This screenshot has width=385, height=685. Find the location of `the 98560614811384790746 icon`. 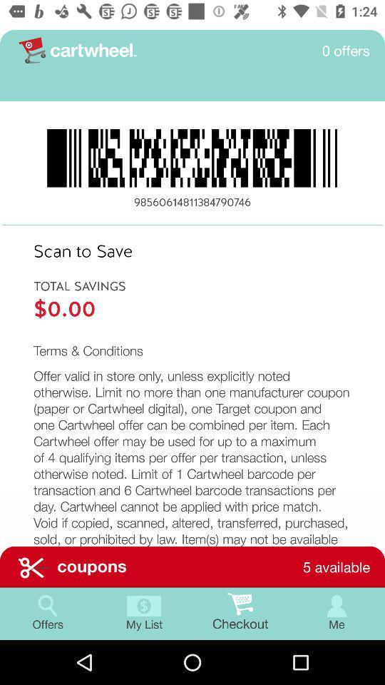

the 98560614811384790746 icon is located at coordinates (192, 201).